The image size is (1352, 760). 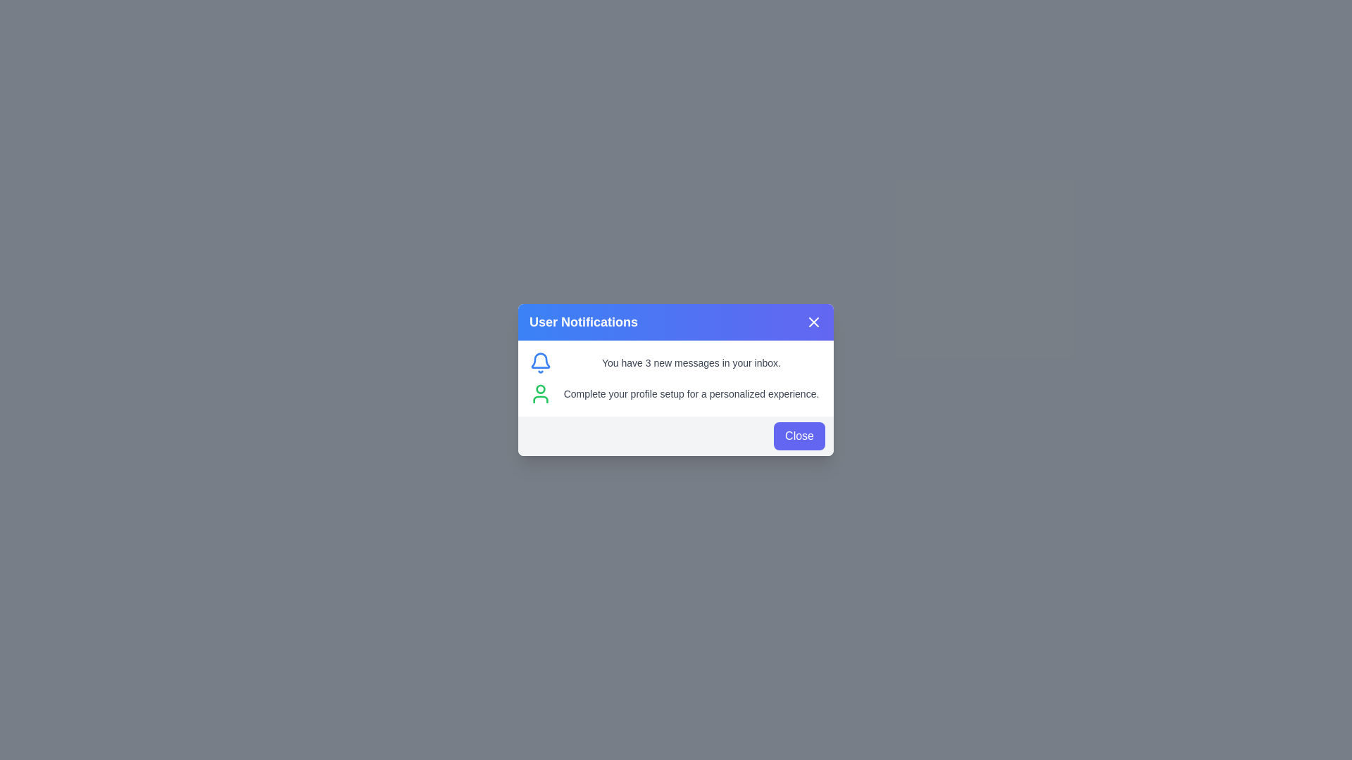 I want to click on the blue 'Close' button with rounded corners located in the lower-right corner of the notification dialog, so click(x=799, y=436).